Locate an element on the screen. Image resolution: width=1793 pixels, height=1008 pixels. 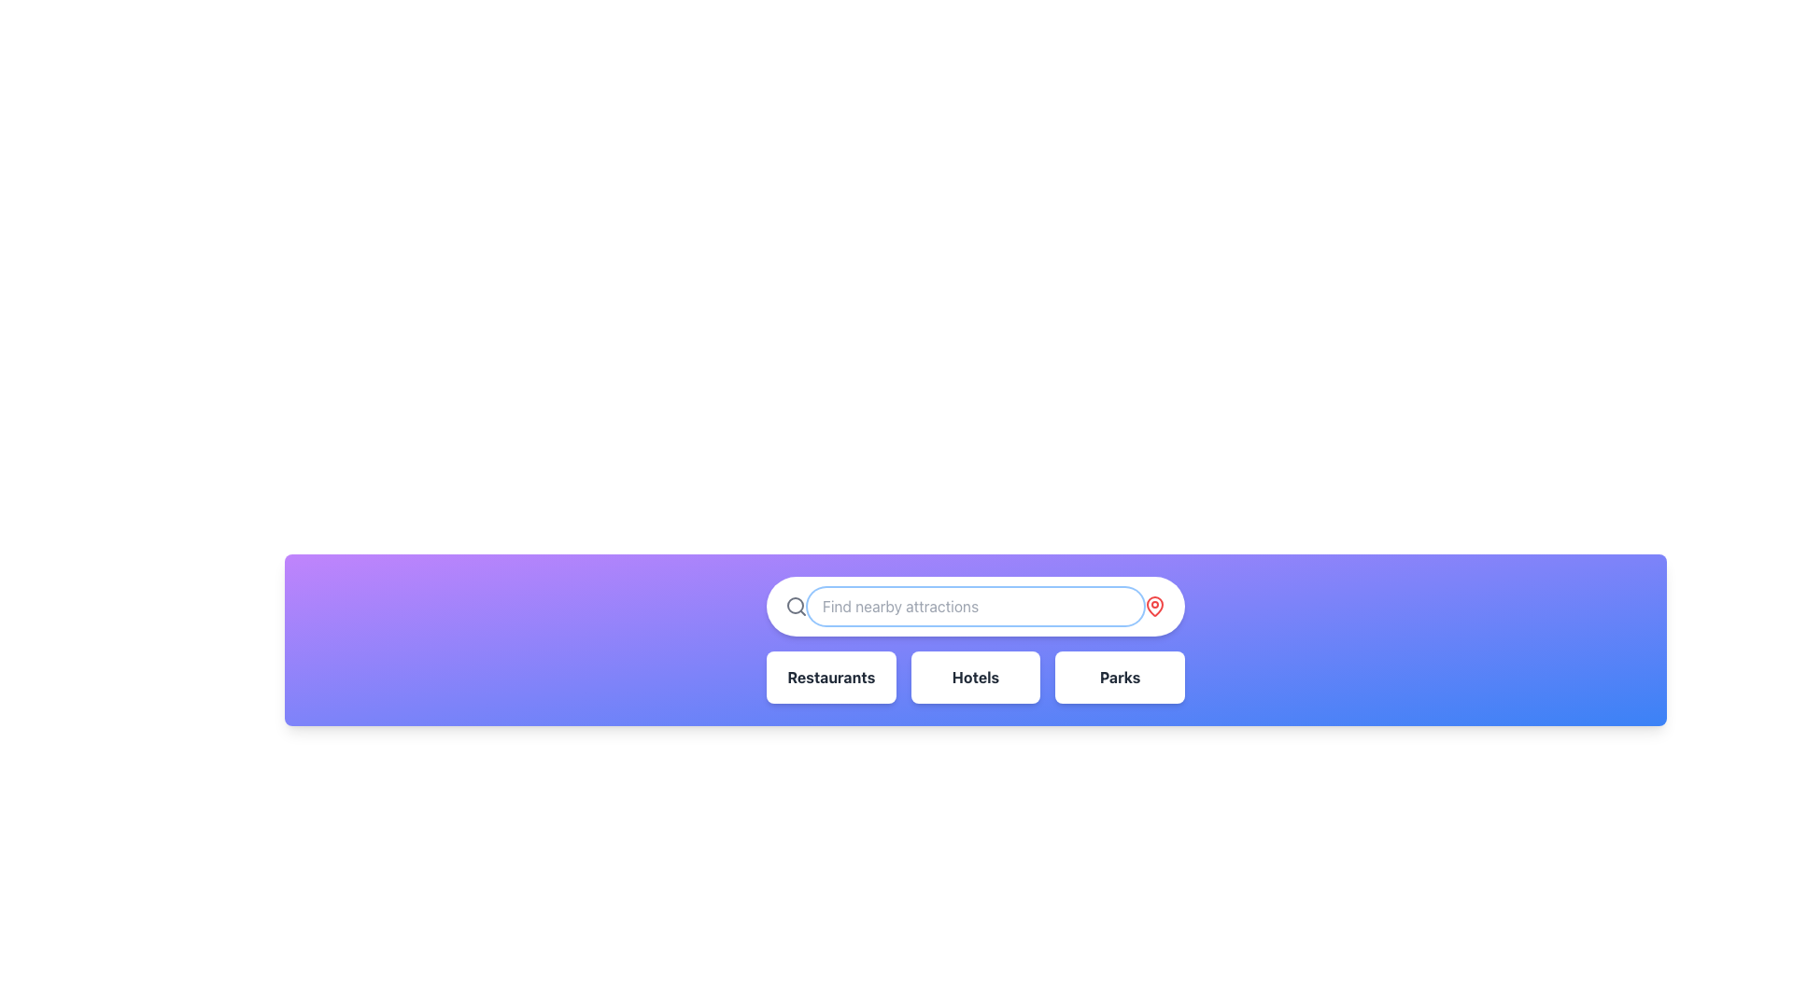
the search bar, which is a text input for finding nearby attractions, to focus and type in it is located at coordinates (975, 607).